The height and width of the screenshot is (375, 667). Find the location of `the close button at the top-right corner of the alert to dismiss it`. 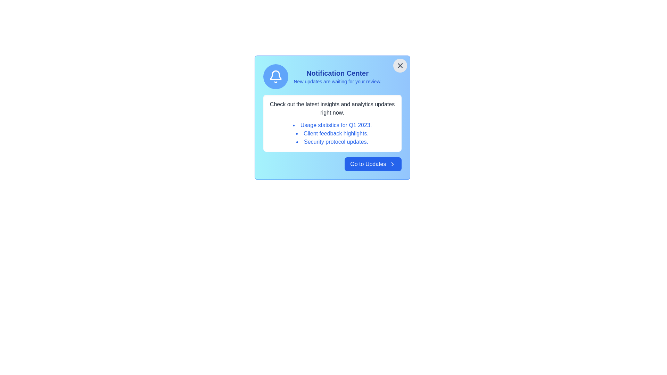

the close button at the top-right corner of the alert to dismiss it is located at coordinates (400, 66).